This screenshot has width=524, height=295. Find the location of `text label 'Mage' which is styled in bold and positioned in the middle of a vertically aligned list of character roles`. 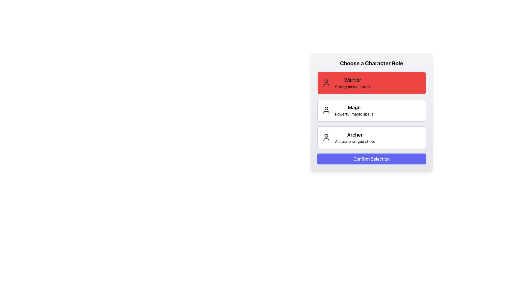

text label 'Mage' which is styled in bold and positioned in the middle of a vertically aligned list of character roles is located at coordinates (354, 107).